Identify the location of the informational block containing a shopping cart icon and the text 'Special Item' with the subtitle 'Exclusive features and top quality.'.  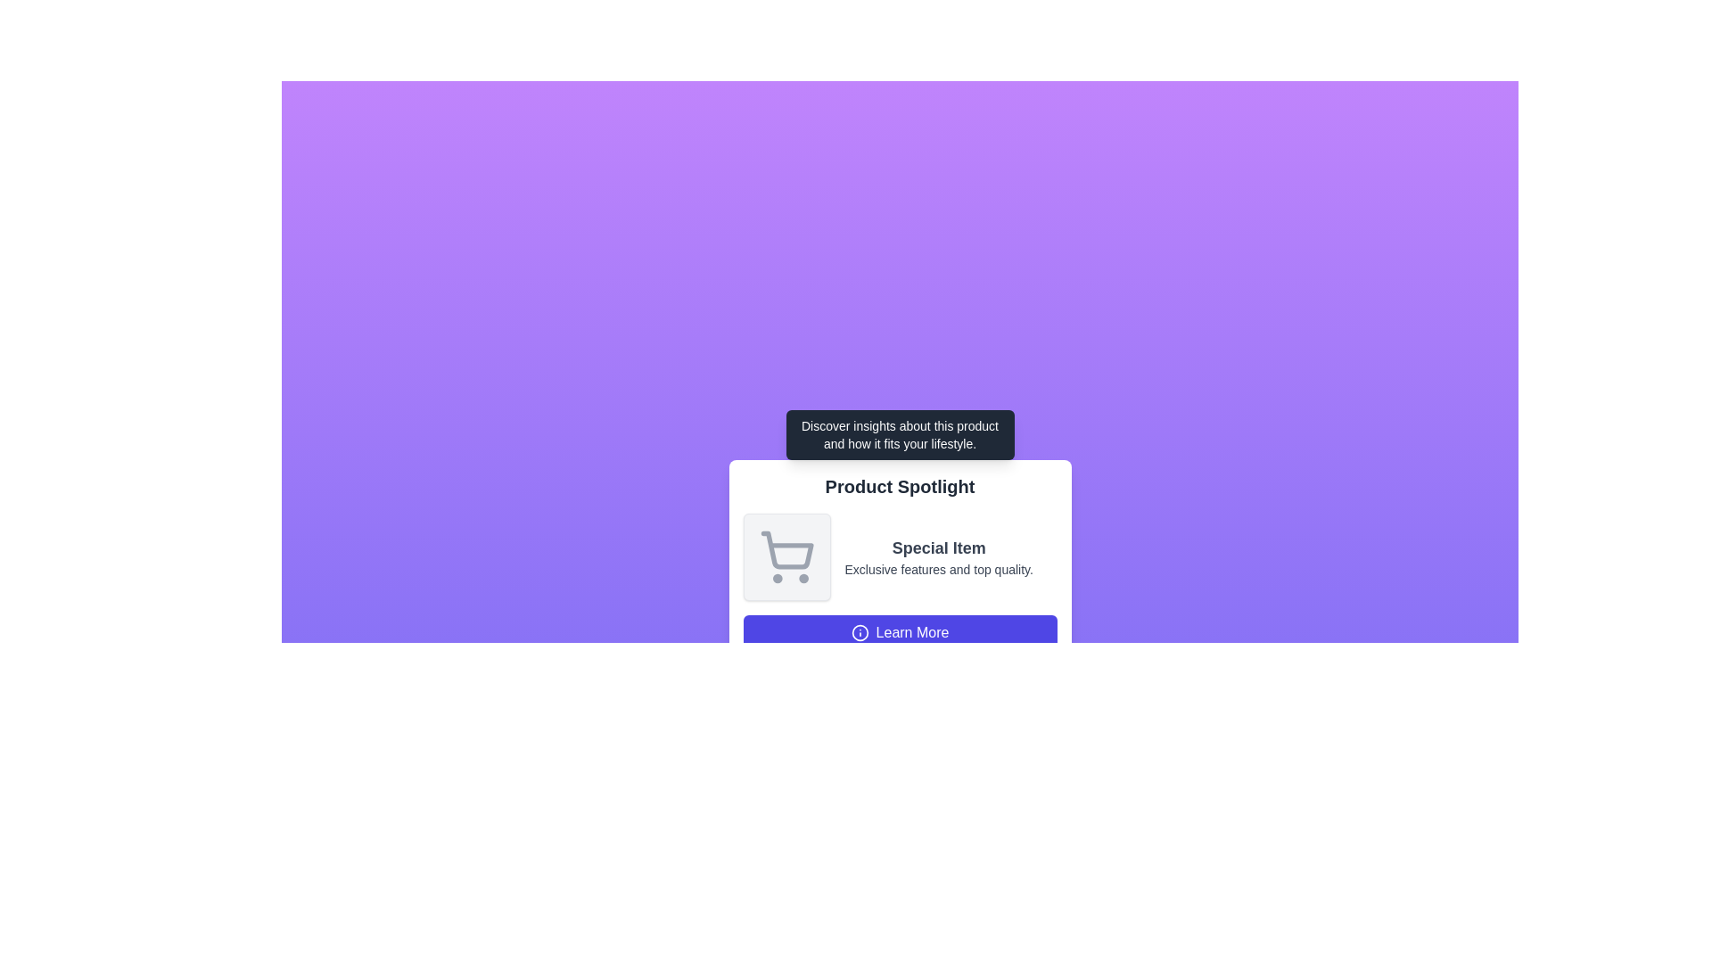
(900, 556).